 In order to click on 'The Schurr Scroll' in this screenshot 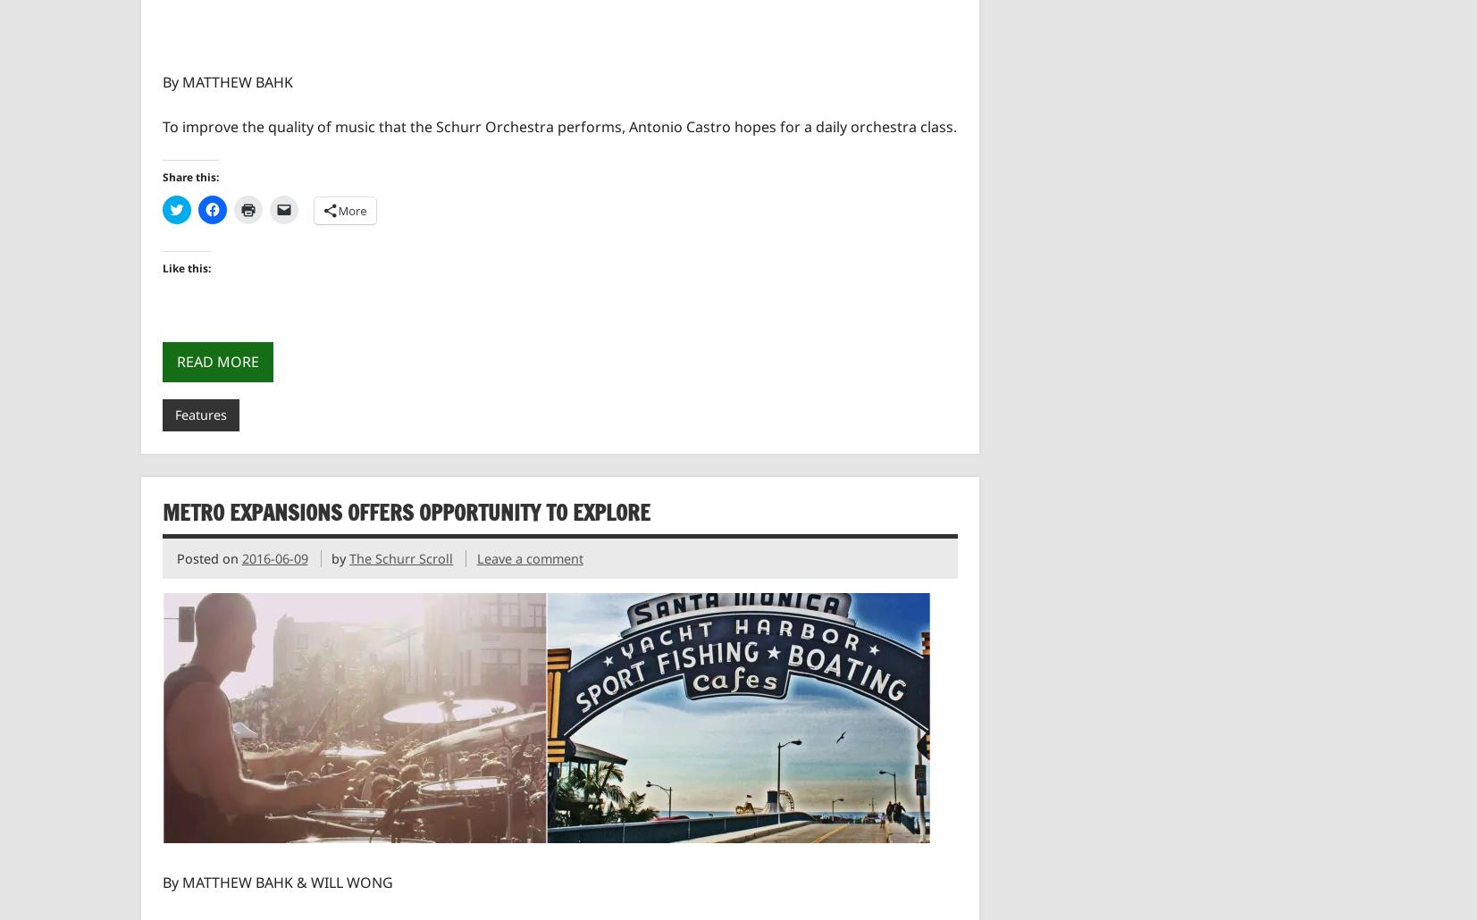, I will do `click(348, 557)`.